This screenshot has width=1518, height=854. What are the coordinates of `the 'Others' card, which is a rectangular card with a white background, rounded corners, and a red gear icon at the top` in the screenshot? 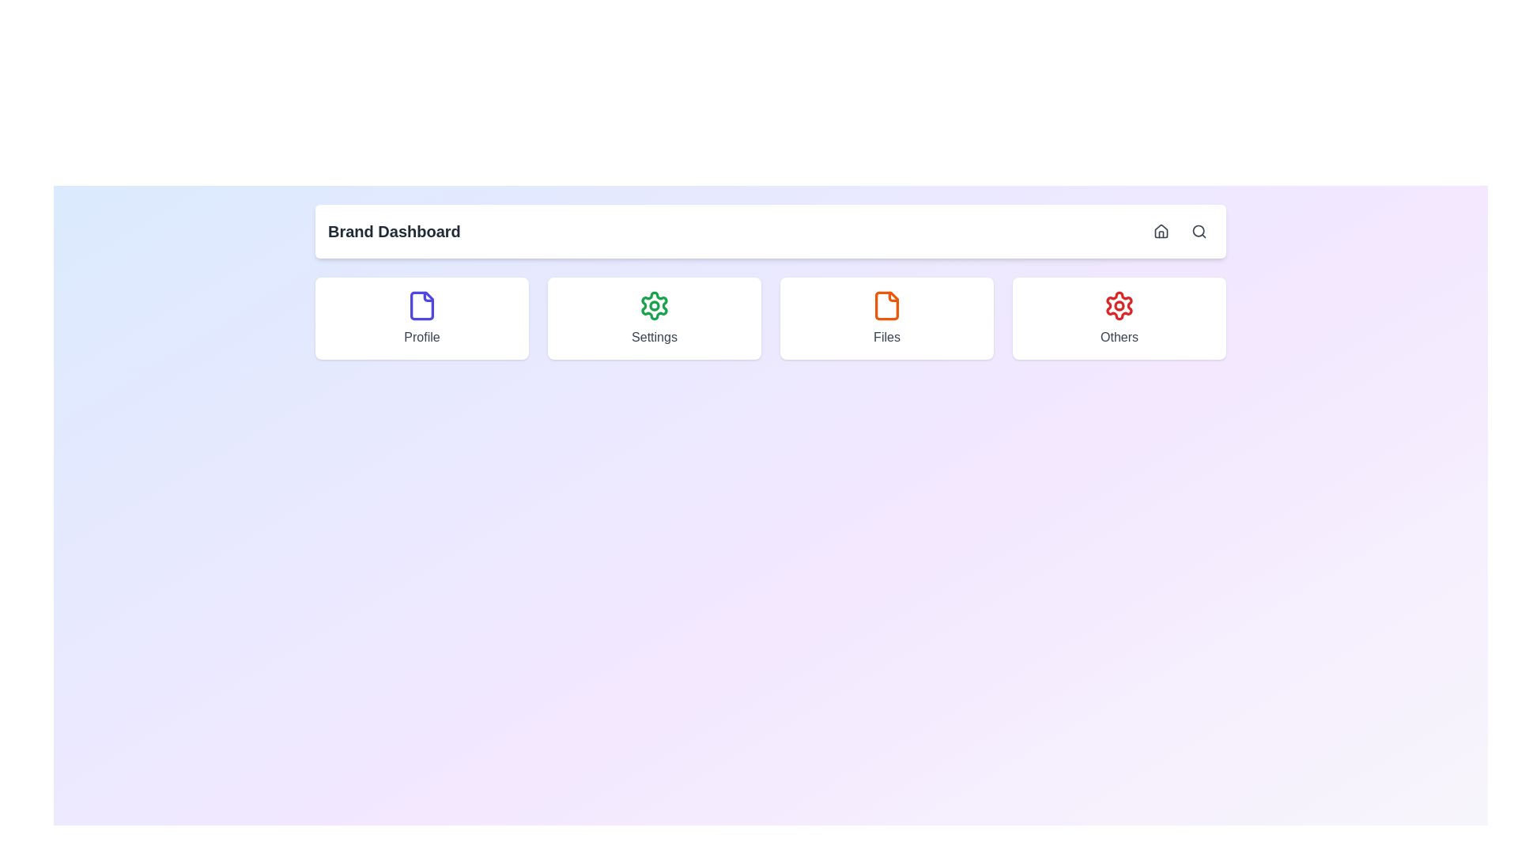 It's located at (1119, 318).